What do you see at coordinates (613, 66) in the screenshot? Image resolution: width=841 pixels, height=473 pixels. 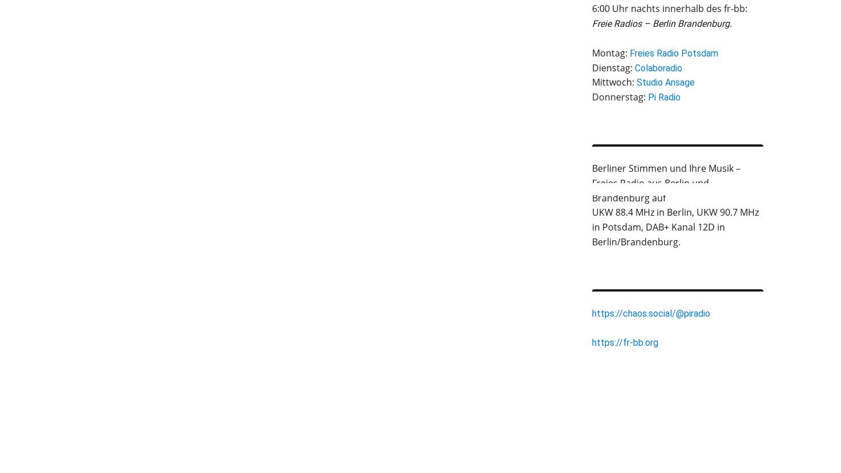 I see `'Dienstag:'` at bounding box center [613, 66].